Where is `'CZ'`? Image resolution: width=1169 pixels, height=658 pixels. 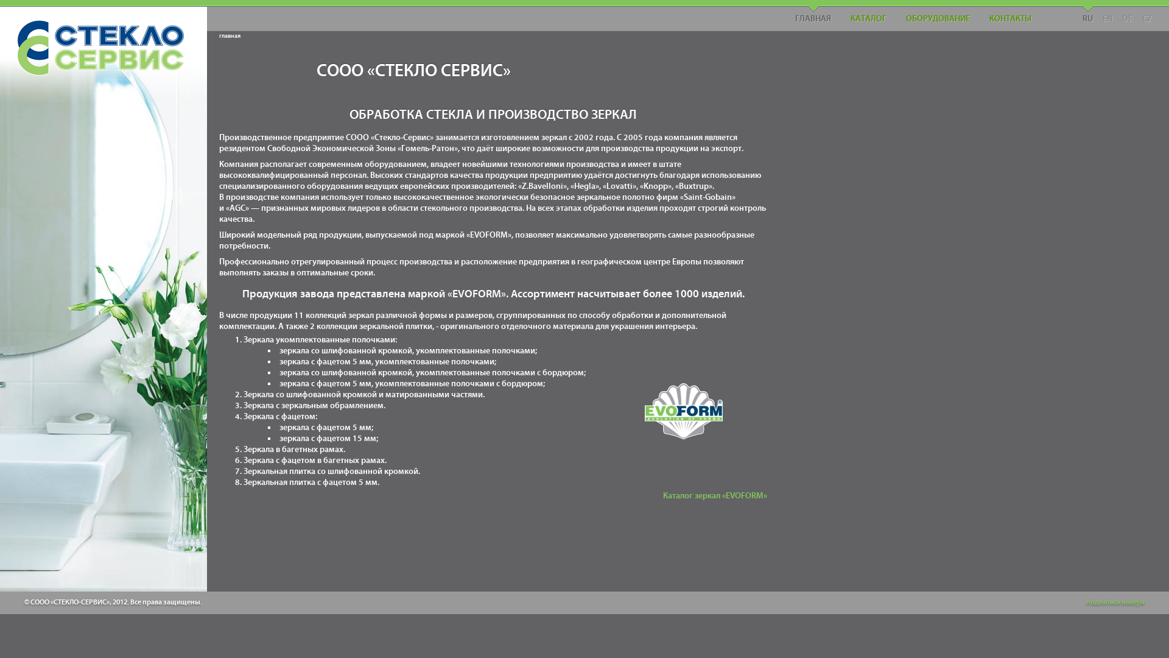
'CZ' is located at coordinates (1136, 15).